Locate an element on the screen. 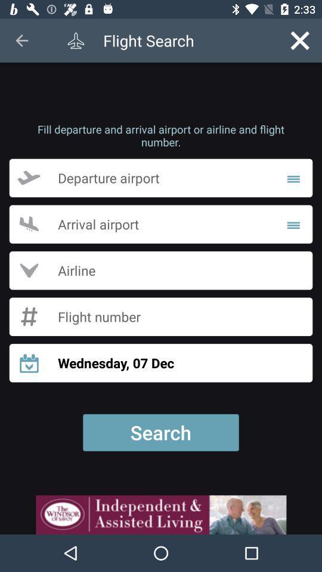 The width and height of the screenshot is (322, 572). the first plane icon on the left to the text departure airport on the web page is located at coordinates (36, 178).